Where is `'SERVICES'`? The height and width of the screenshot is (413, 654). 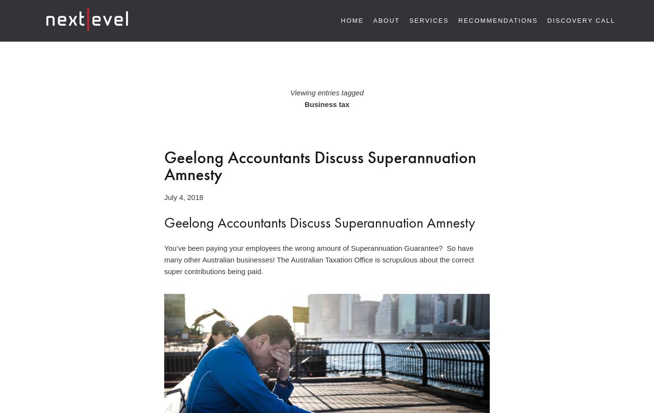
'SERVICES' is located at coordinates (429, 20).